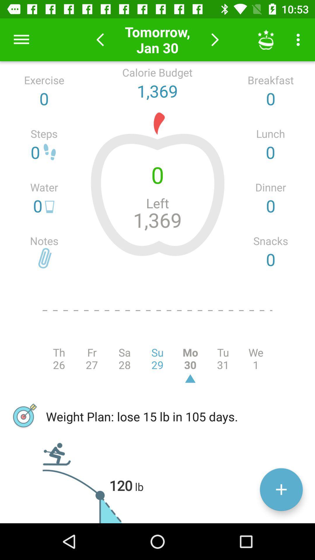  What do you see at coordinates (100, 39) in the screenshot?
I see `go back` at bounding box center [100, 39].